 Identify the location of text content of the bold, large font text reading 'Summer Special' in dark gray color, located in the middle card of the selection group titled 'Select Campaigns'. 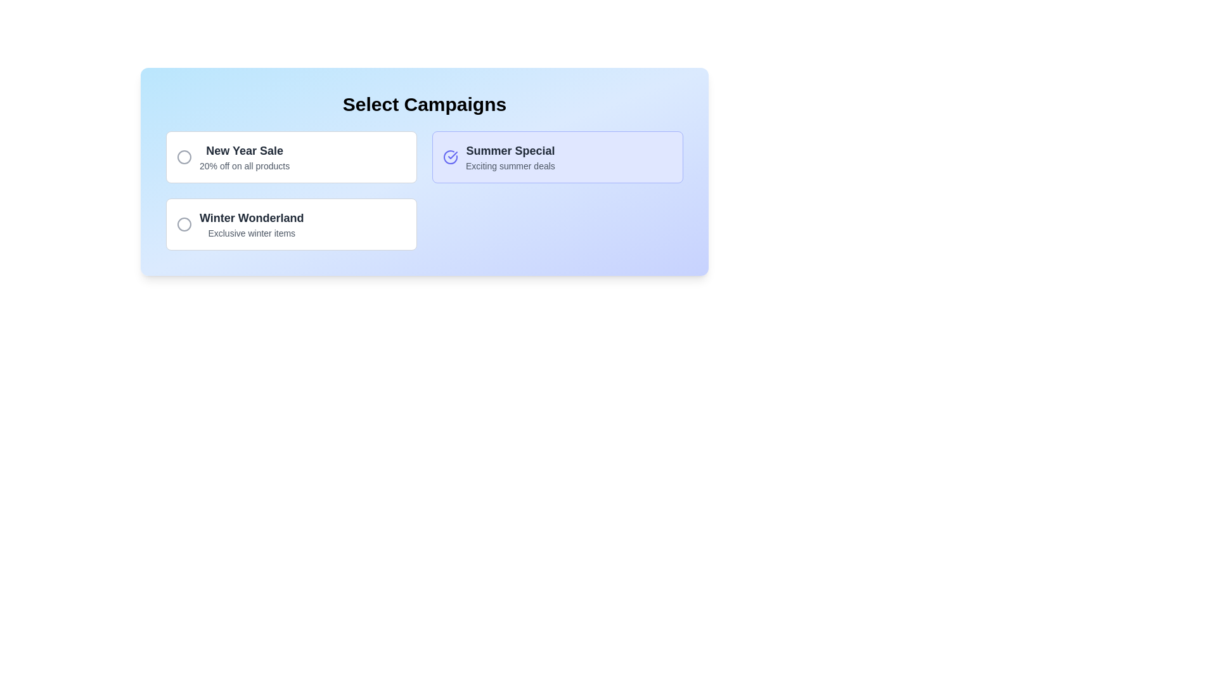
(510, 150).